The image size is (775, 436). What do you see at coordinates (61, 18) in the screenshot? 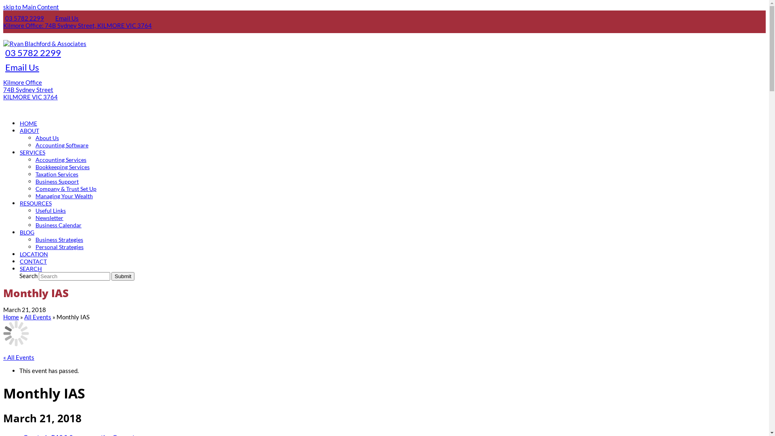
I see `'Email Us'` at bounding box center [61, 18].